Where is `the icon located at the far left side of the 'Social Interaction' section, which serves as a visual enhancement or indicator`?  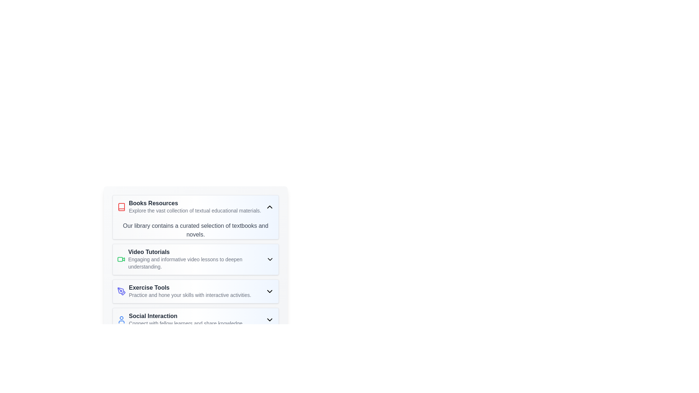 the icon located at the far left side of the 'Social Interaction' section, which serves as a visual enhancement or indicator is located at coordinates (122, 319).